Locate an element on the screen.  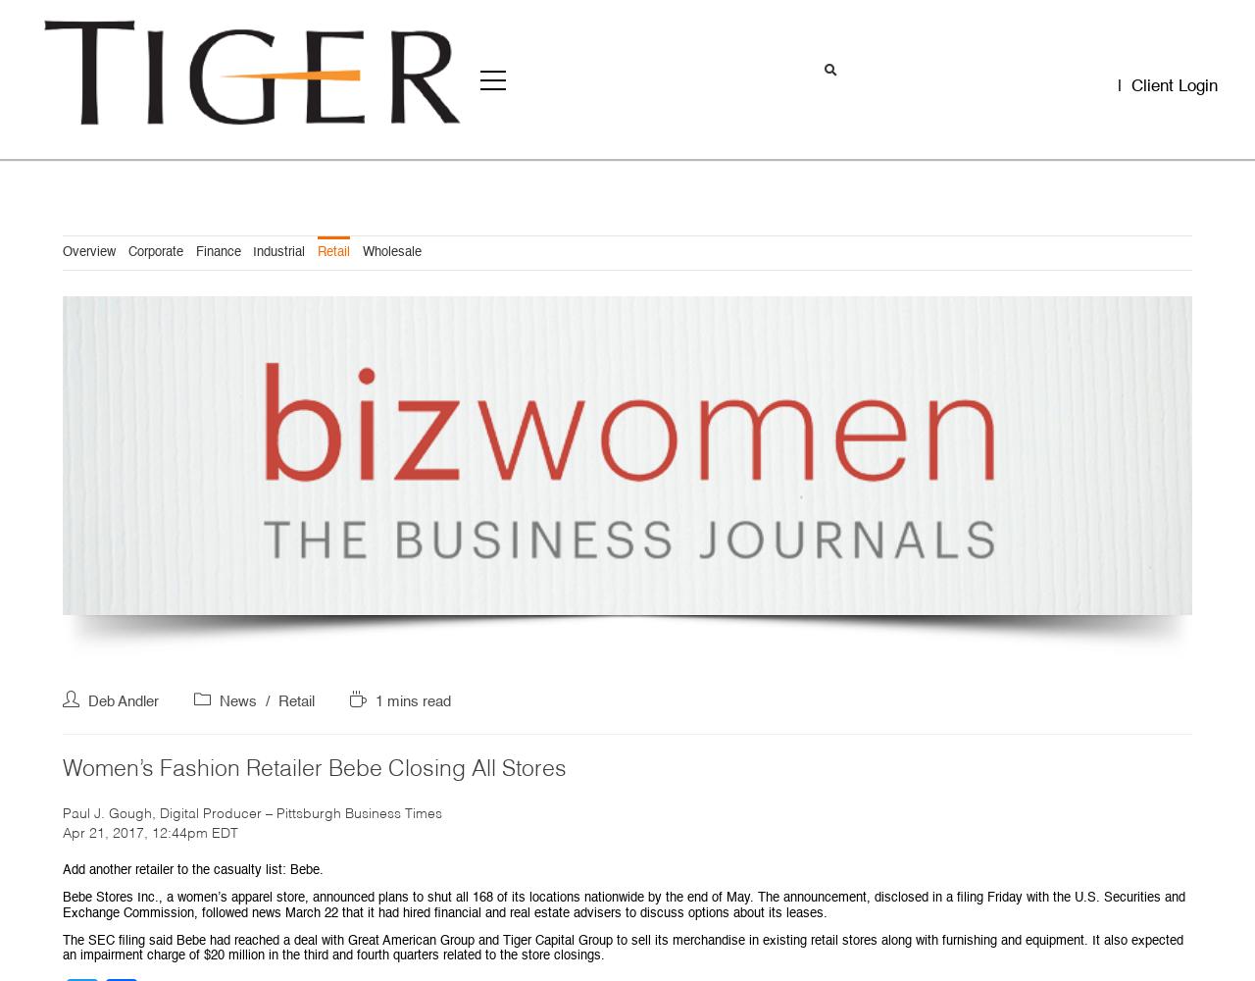
'|' is located at coordinates (1123, 85).